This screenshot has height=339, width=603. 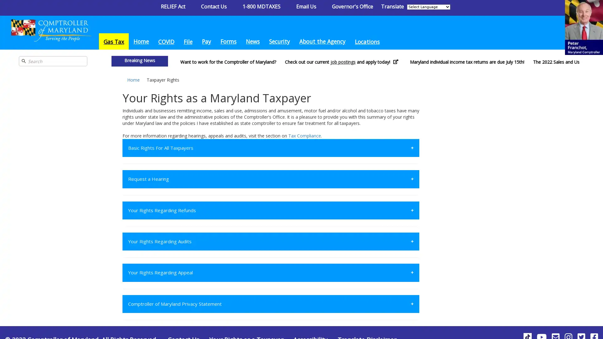 I want to click on Comptroller of Maryland Privacy Statement +, so click(x=271, y=304).